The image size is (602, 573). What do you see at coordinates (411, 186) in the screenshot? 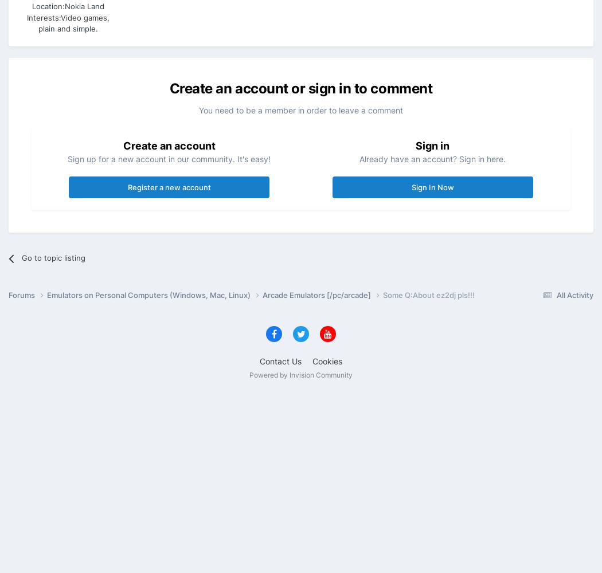
I see `'Sign In Now'` at bounding box center [411, 186].